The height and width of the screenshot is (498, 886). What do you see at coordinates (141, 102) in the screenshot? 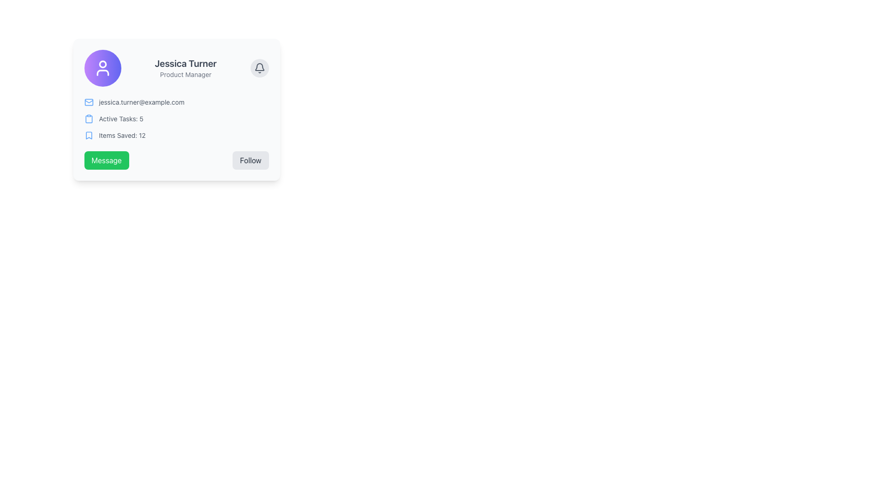
I see `the text element displaying 'jessica.turner@example.com', which is styled in light gray and located next to a mail icon on a profile card` at bounding box center [141, 102].